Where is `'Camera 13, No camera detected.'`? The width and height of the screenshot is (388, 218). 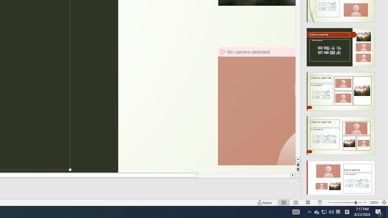 'Camera 13, No camera detected.' is located at coordinates (256, 106).